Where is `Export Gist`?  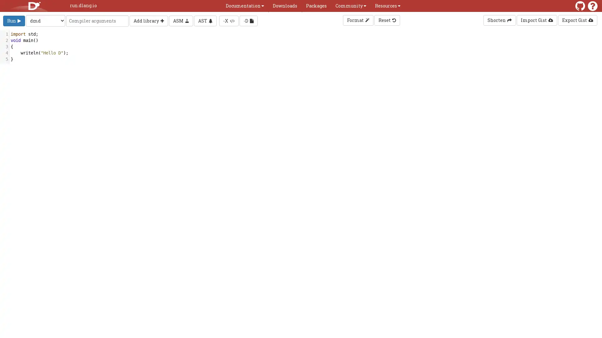
Export Gist is located at coordinates (577, 20).